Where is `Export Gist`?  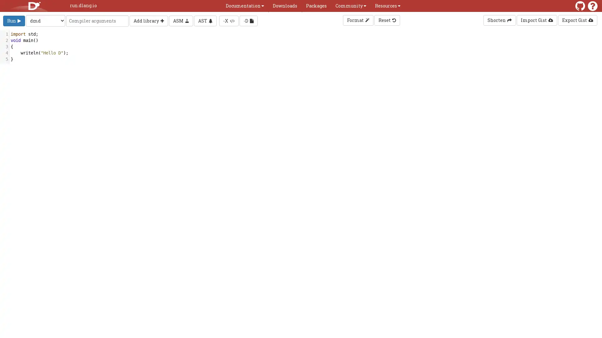
Export Gist is located at coordinates (577, 20).